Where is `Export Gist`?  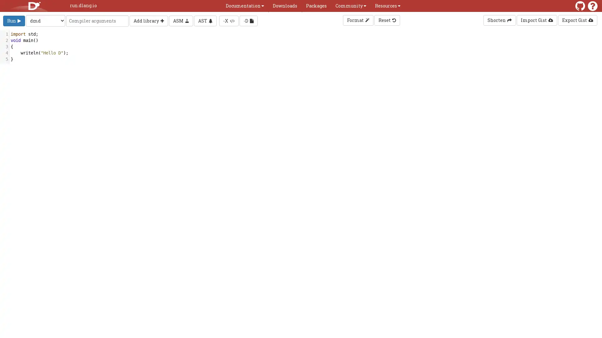
Export Gist is located at coordinates (577, 20).